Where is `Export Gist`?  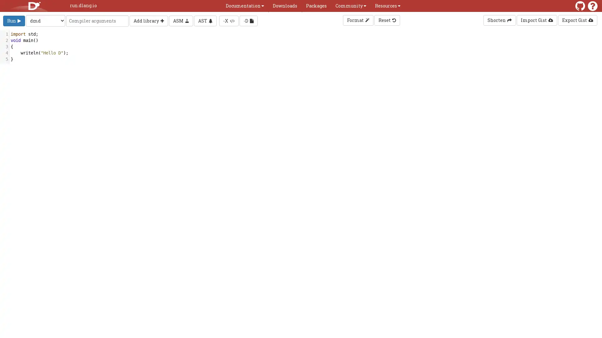
Export Gist is located at coordinates (577, 20).